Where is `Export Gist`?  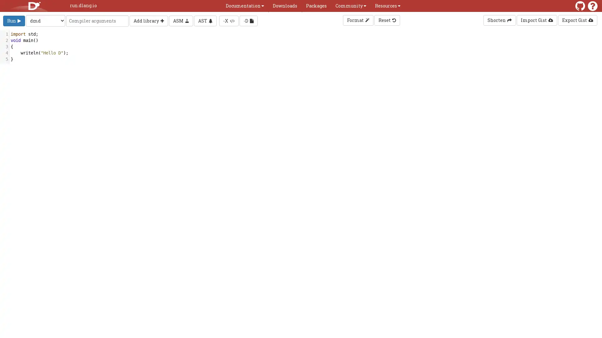
Export Gist is located at coordinates (577, 20).